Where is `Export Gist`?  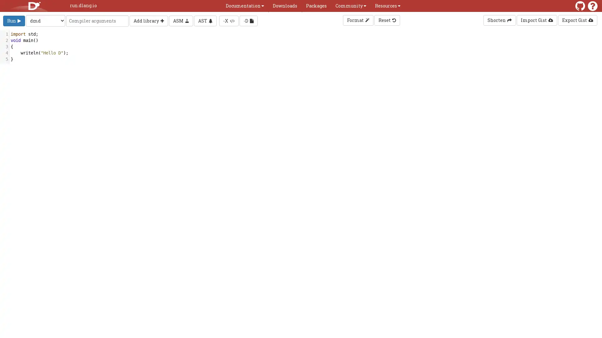
Export Gist is located at coordinates (577, 20).